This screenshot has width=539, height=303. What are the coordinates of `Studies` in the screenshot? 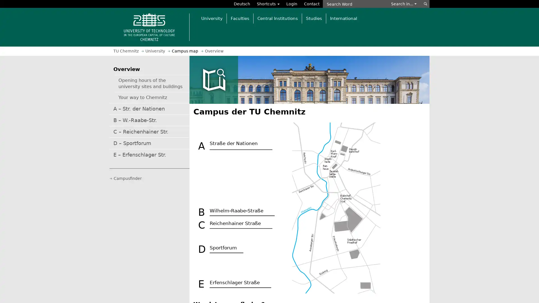 It's located at (314, 18).